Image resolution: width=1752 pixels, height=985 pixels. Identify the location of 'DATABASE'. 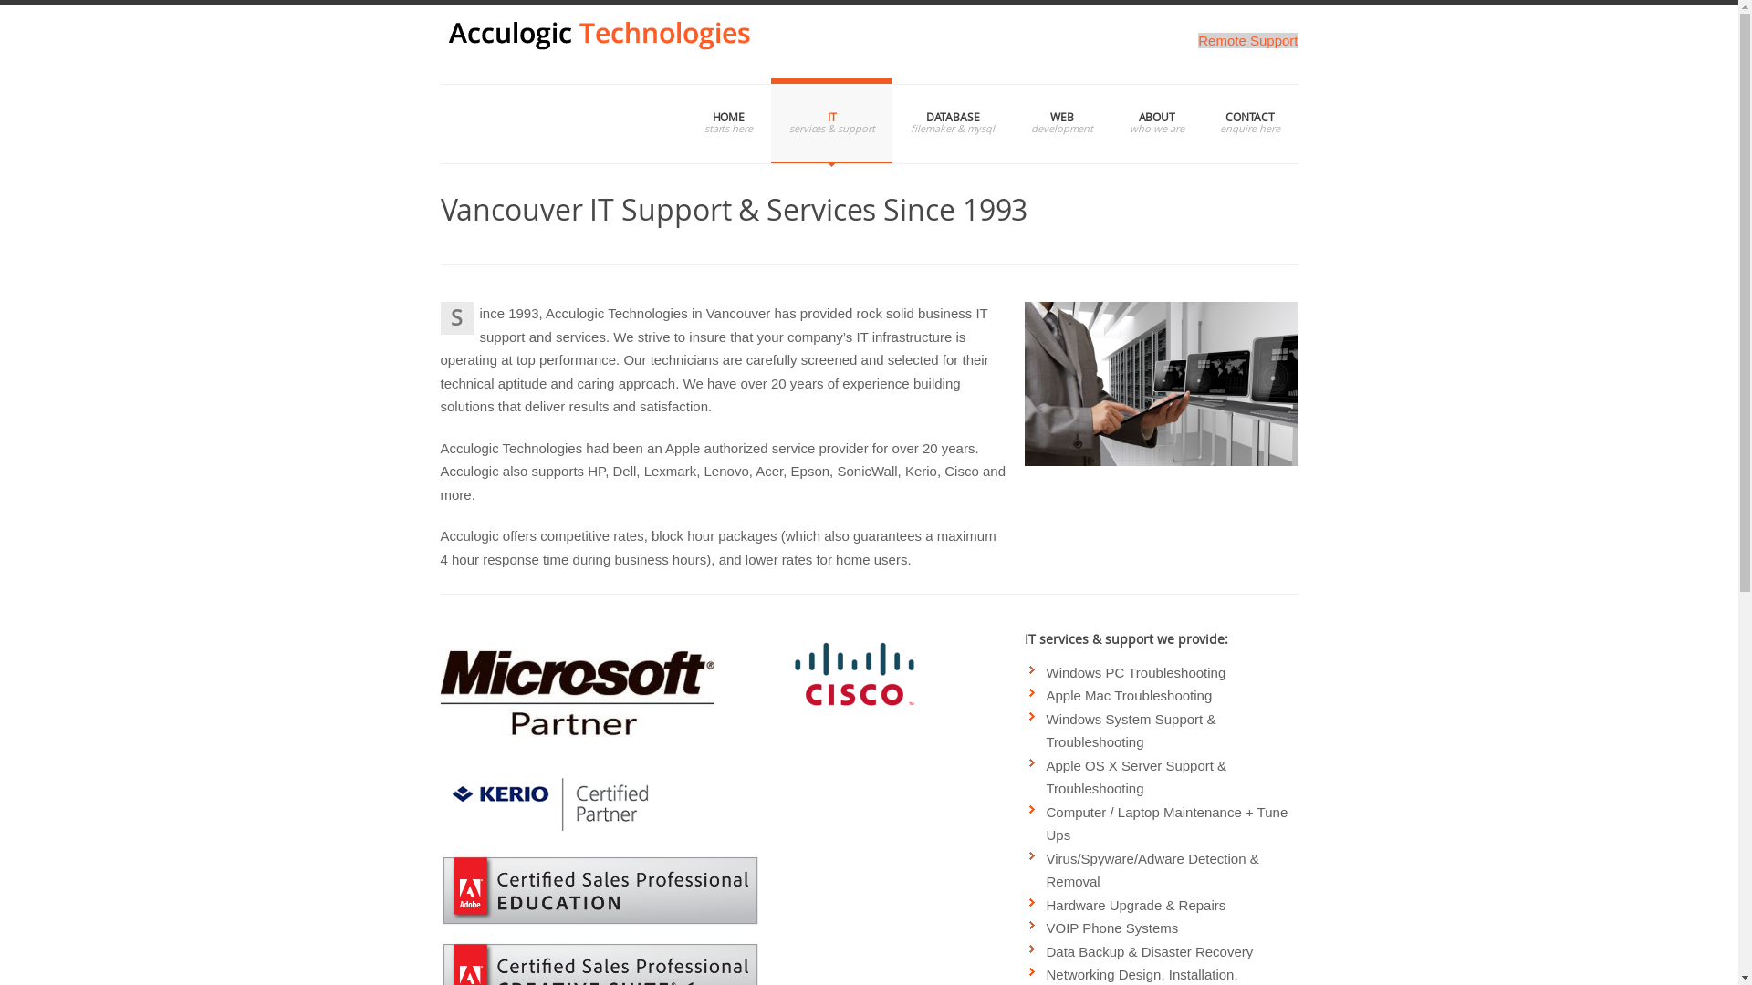
(951, 120).